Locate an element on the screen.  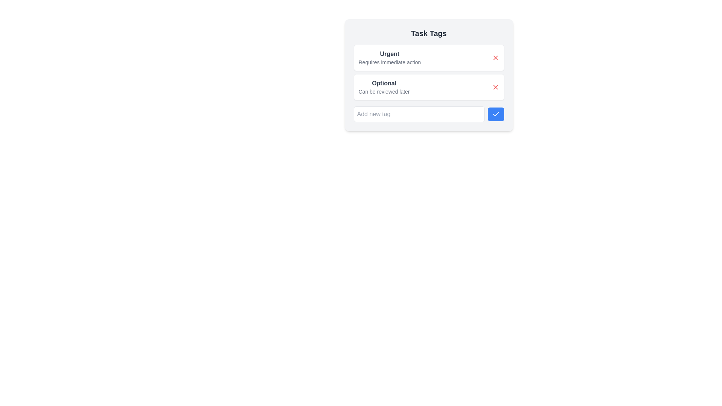
the bold text label reading 'Optional' in dark gray color, which is the first text element in the second card of the vertical list of tags is located at coordinates (384, 83).